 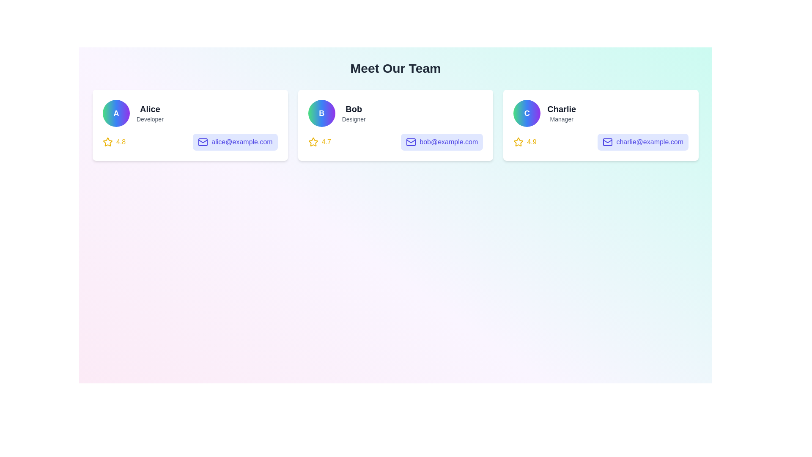 What do you see at coordinates (326, 141) in the screenshot?
I see `the Rating indicator displaying '4.7' in bold yellow text, located within the 'Bob' profile card, which is part of a horizontal grouping with a star icon to its left` at bounding box center [326, 141].